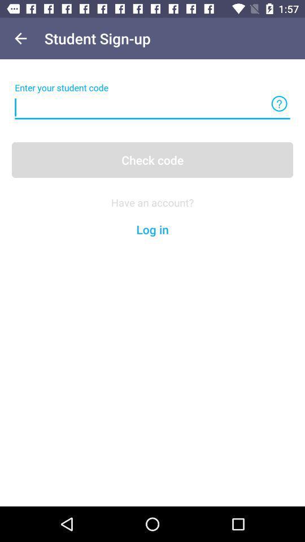  I want to click on the help icon, so click(278, 103).